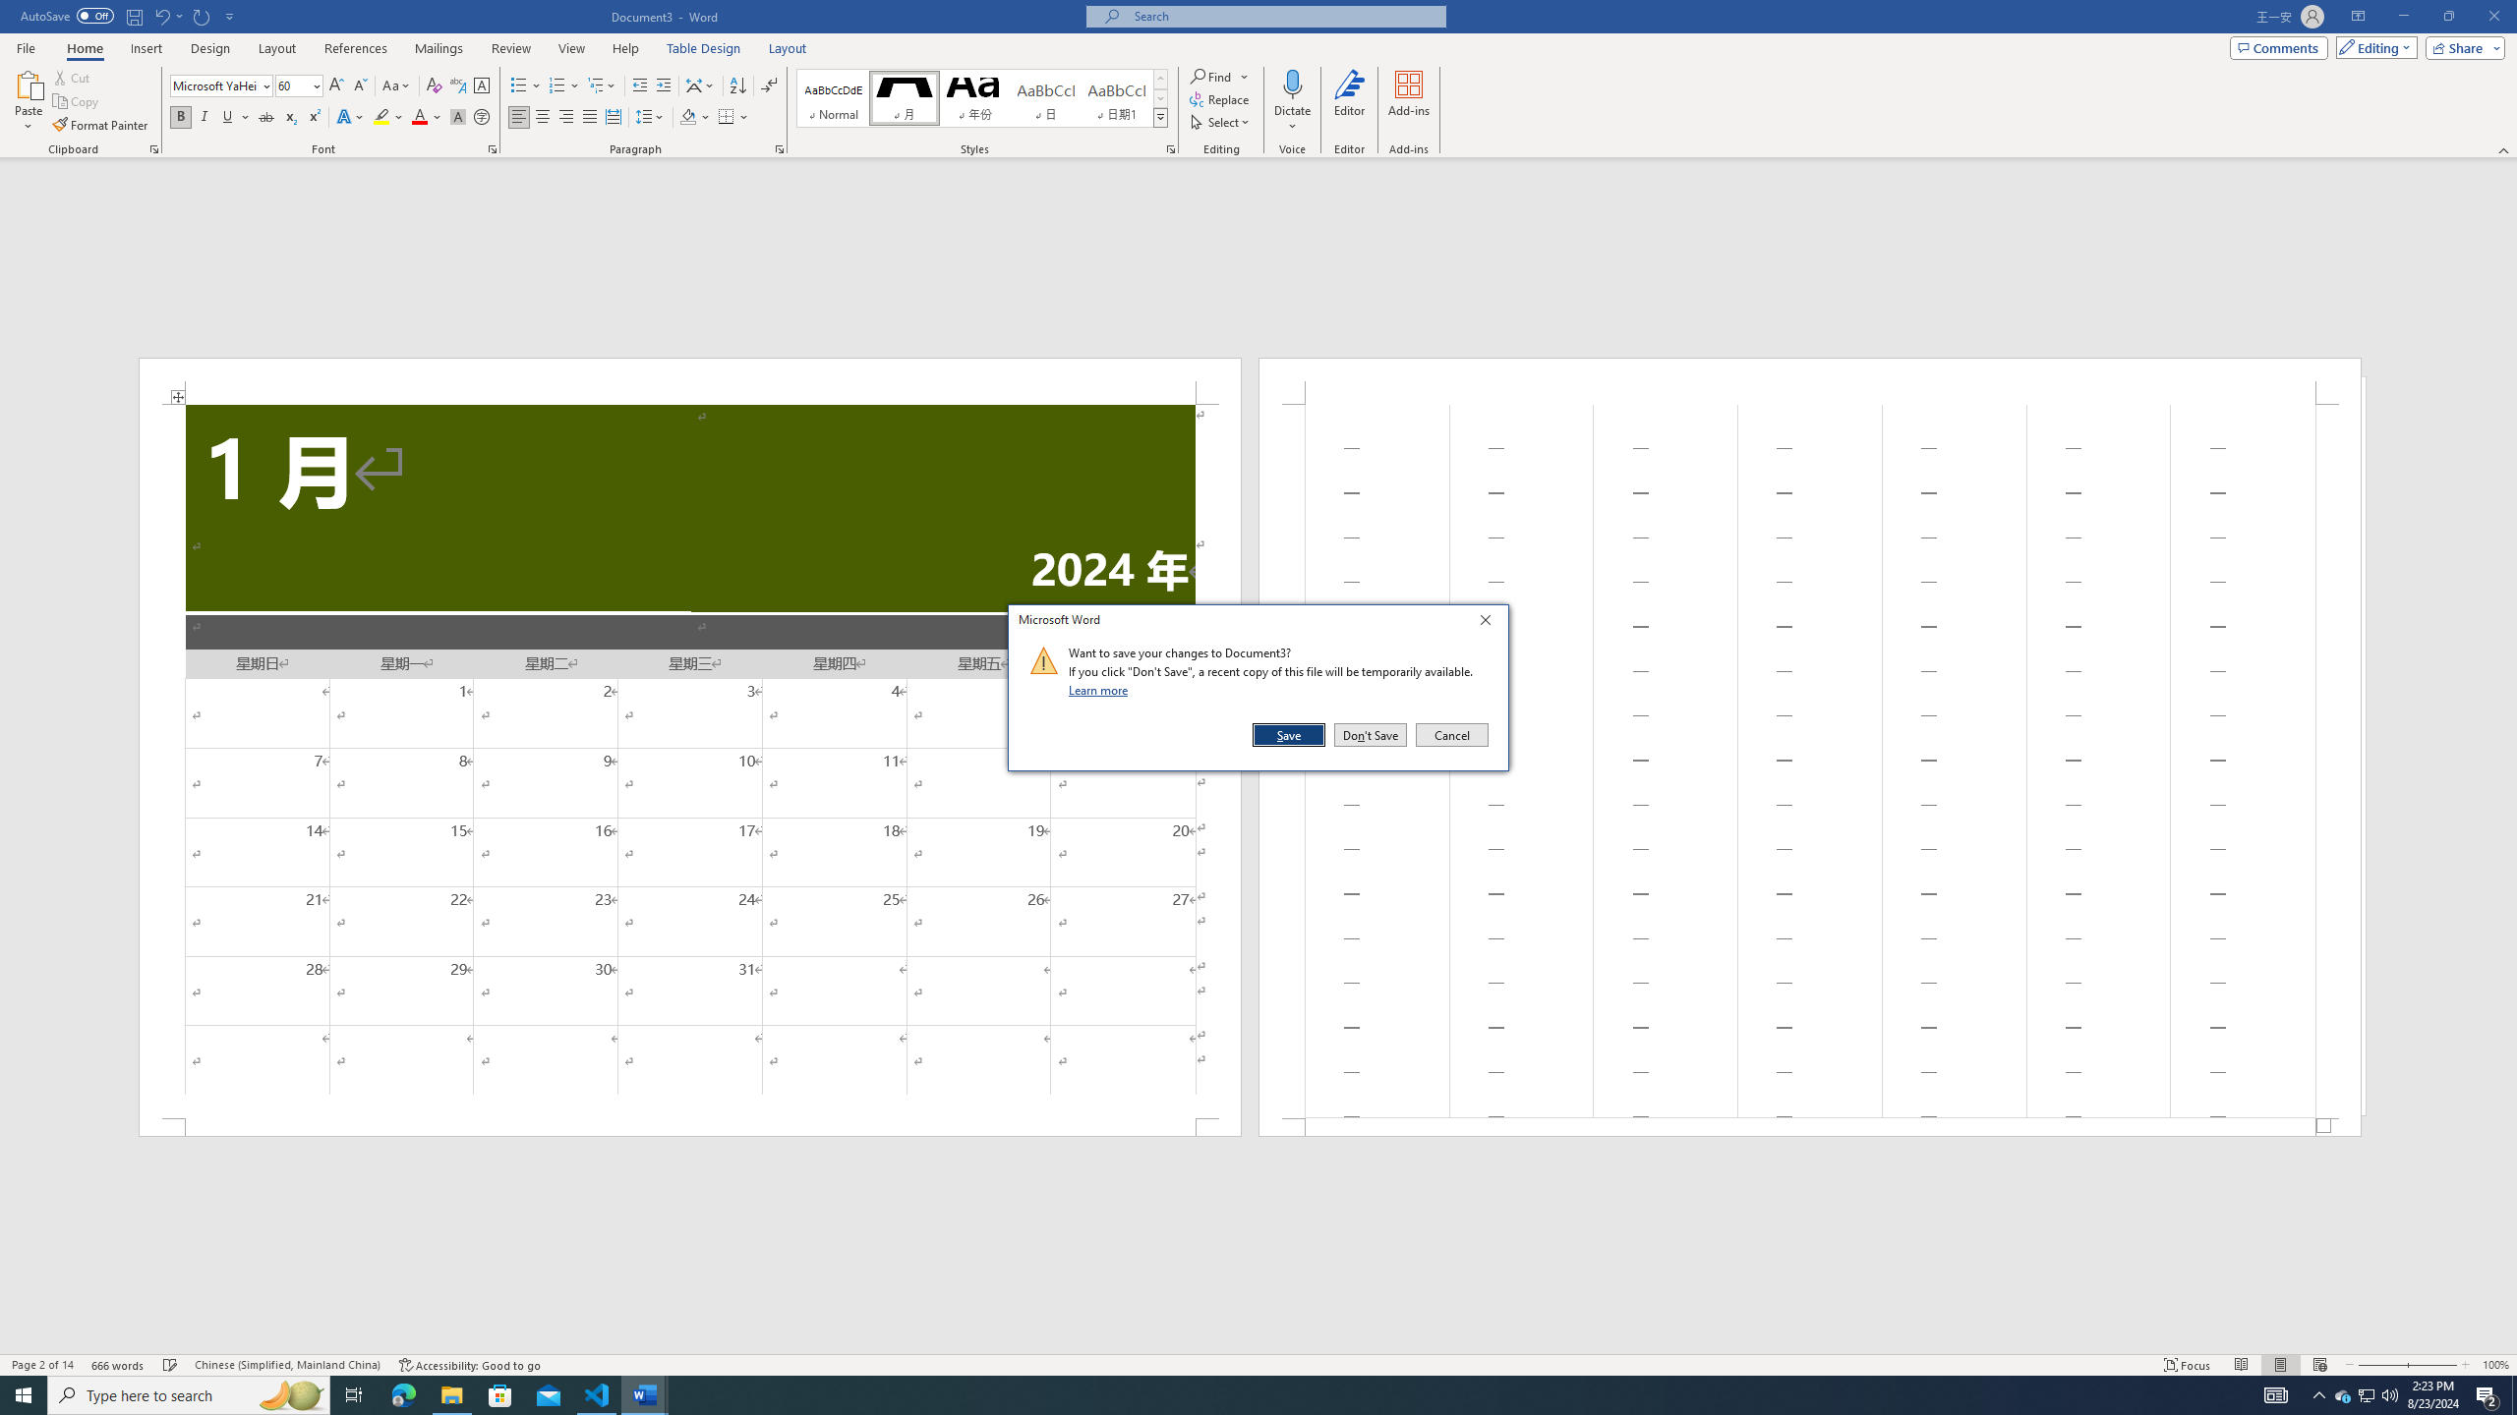 The height and width of the screenshot is (1415, 2517). I want to click on 'Undo Apply Quick Style', so click(160, 15).